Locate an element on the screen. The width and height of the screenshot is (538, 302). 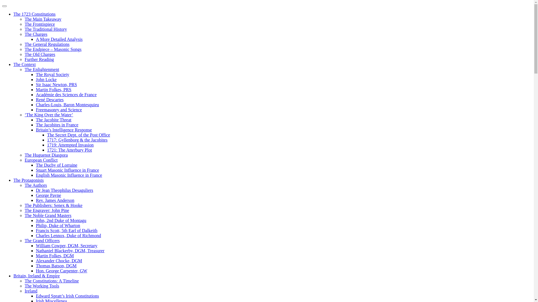
'The Grand Officers' is located at coordinates (42, 240).